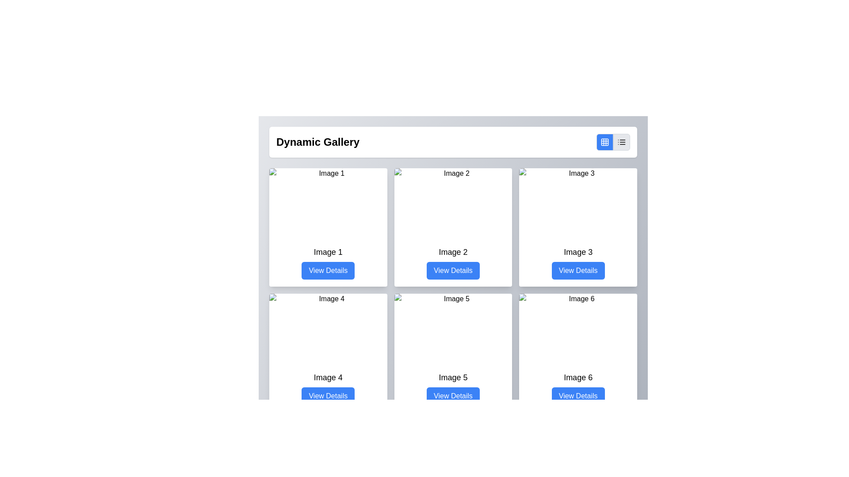  What do you see at coordinates (604, 141) in the screenshot?
I see `the button with a 3x3 grid icon, which has a blue background and white elements, located in the top-right corner of the interface, adjacent to a toggle switch` at bounding box center [604, 141].